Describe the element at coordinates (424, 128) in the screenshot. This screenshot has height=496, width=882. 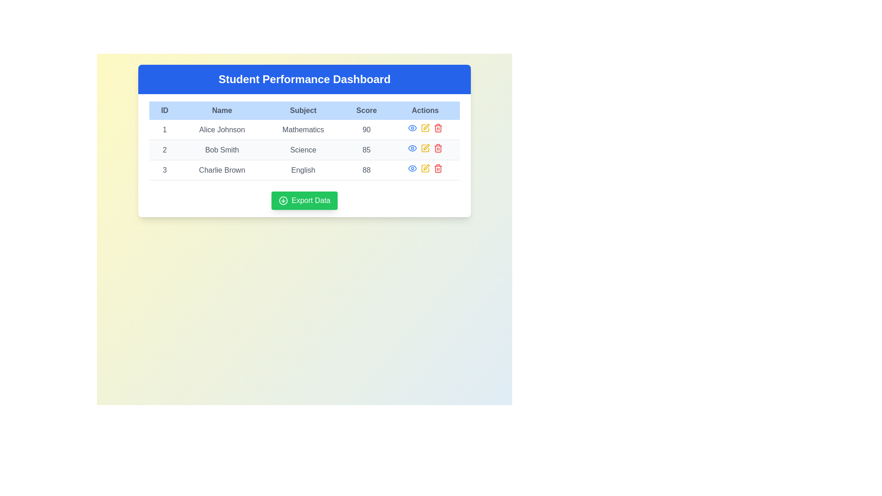
I see `the yellow pencil icon button located in the 'Actions' column of the first row of the user data table` at that location.